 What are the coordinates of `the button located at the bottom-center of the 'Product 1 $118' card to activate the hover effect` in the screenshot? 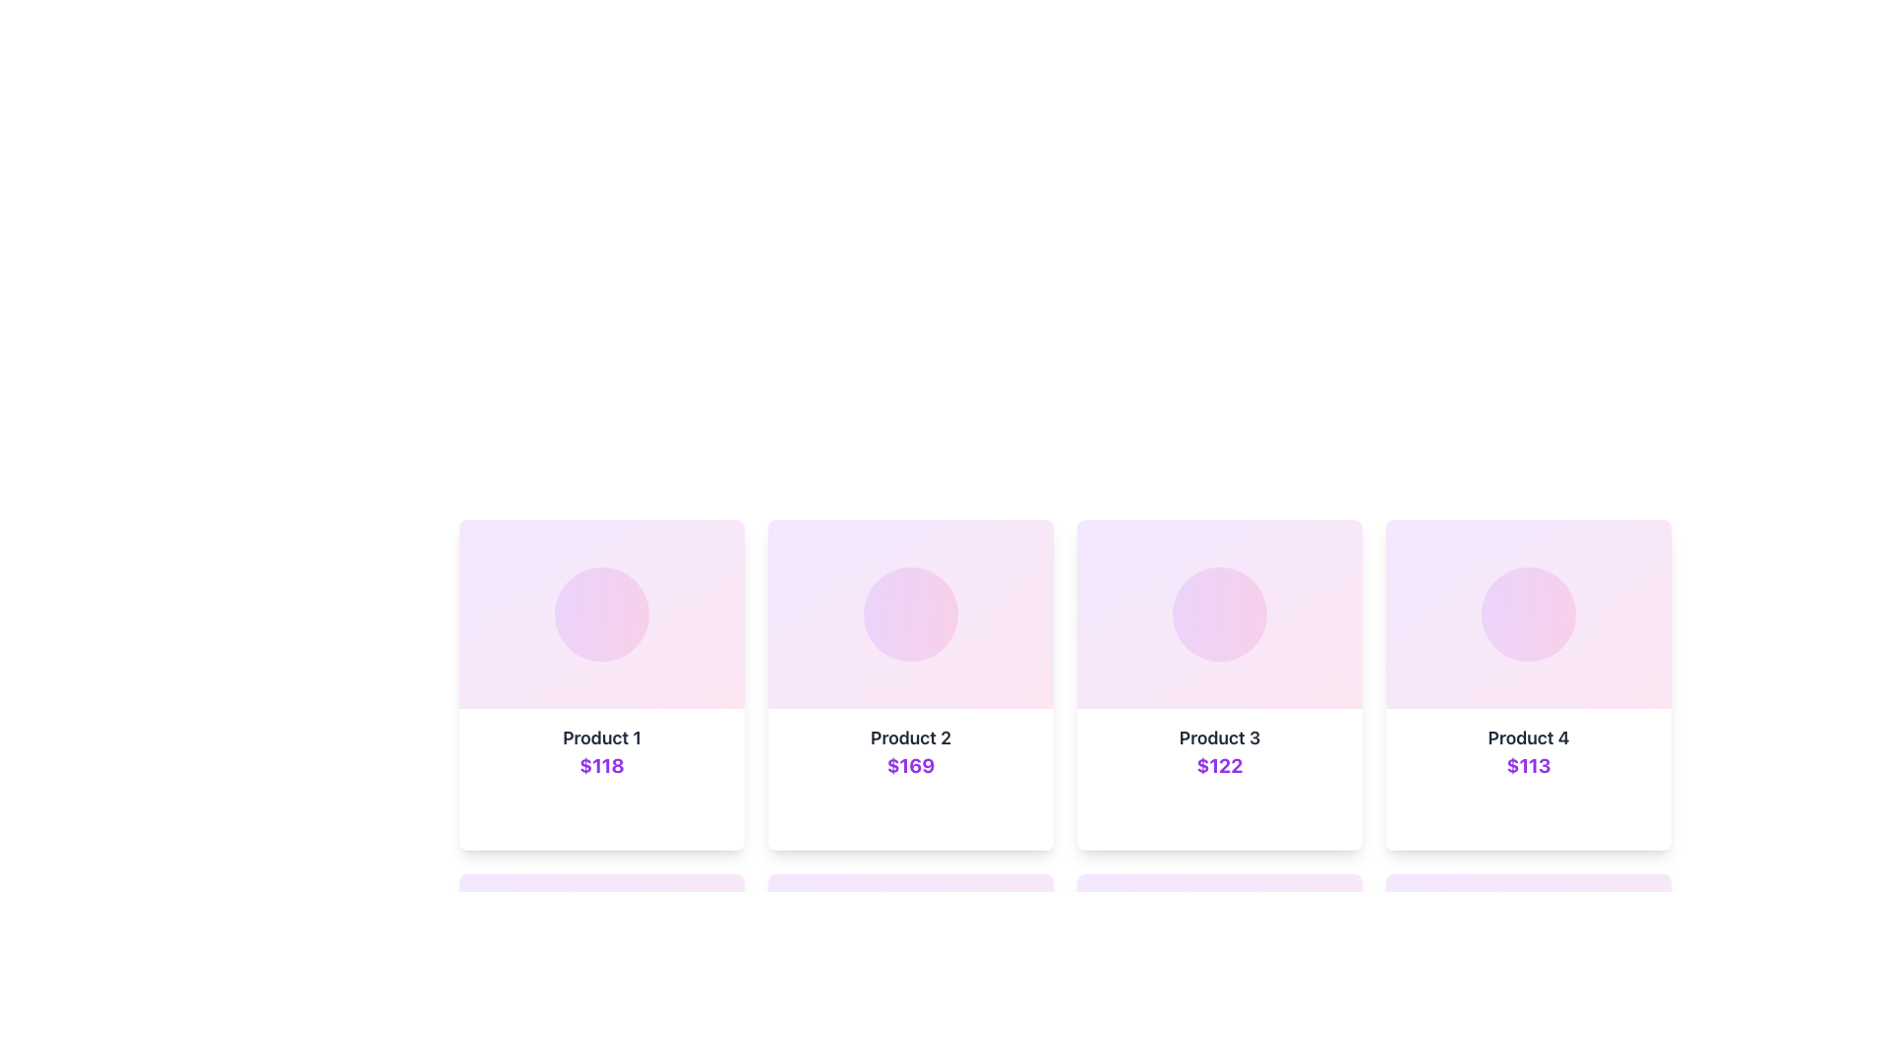 It's located at (600, 815).